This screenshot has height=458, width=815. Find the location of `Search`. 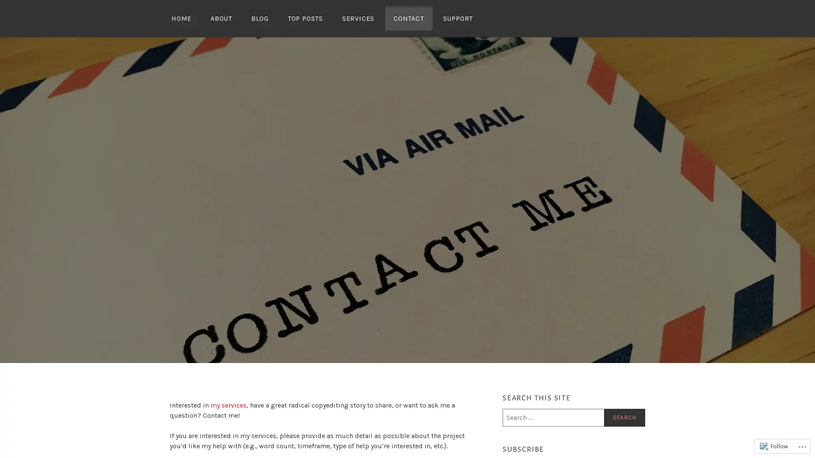

Search is located at coordinates (624, 417).